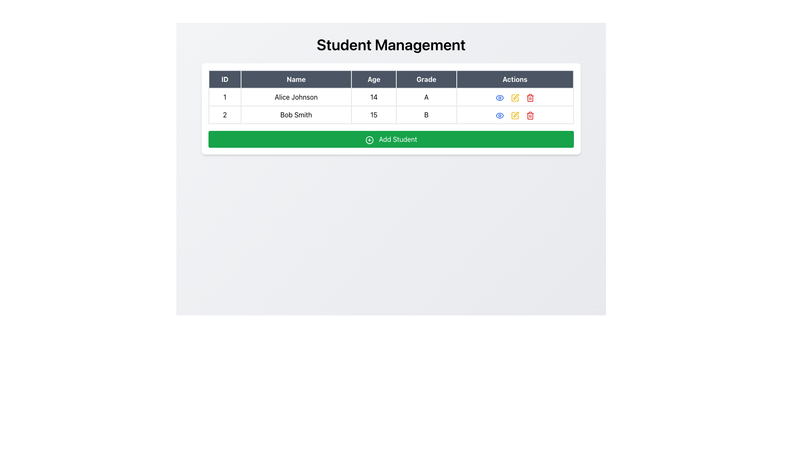 This screenshot has width=812, height=456. I want to click on the identification number text content located in the first row and first column of the table, directly under the 'ID' header, so click(225, 97).